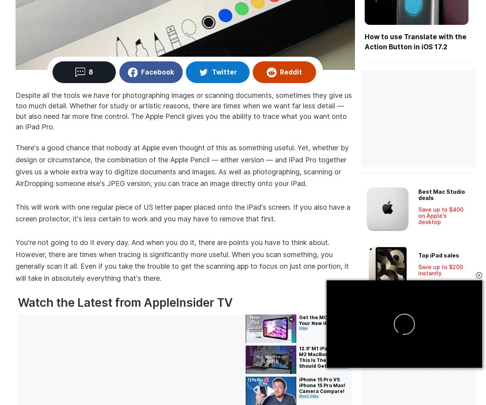 This screenshot has height=405, width=486. What do you see at coordinates (183, 111) in the screenshot?
I see `'Despite all the tools we have for photographing images or scanning documents, sometimes they give us too much detail. Whether for study or artistic reasons, there are times when we want far less detail —  but also need far more fine control. The Apple Pencil gives you the ability to trace what you want onto an iPad Pro.'` at bounding box center [183, 111].